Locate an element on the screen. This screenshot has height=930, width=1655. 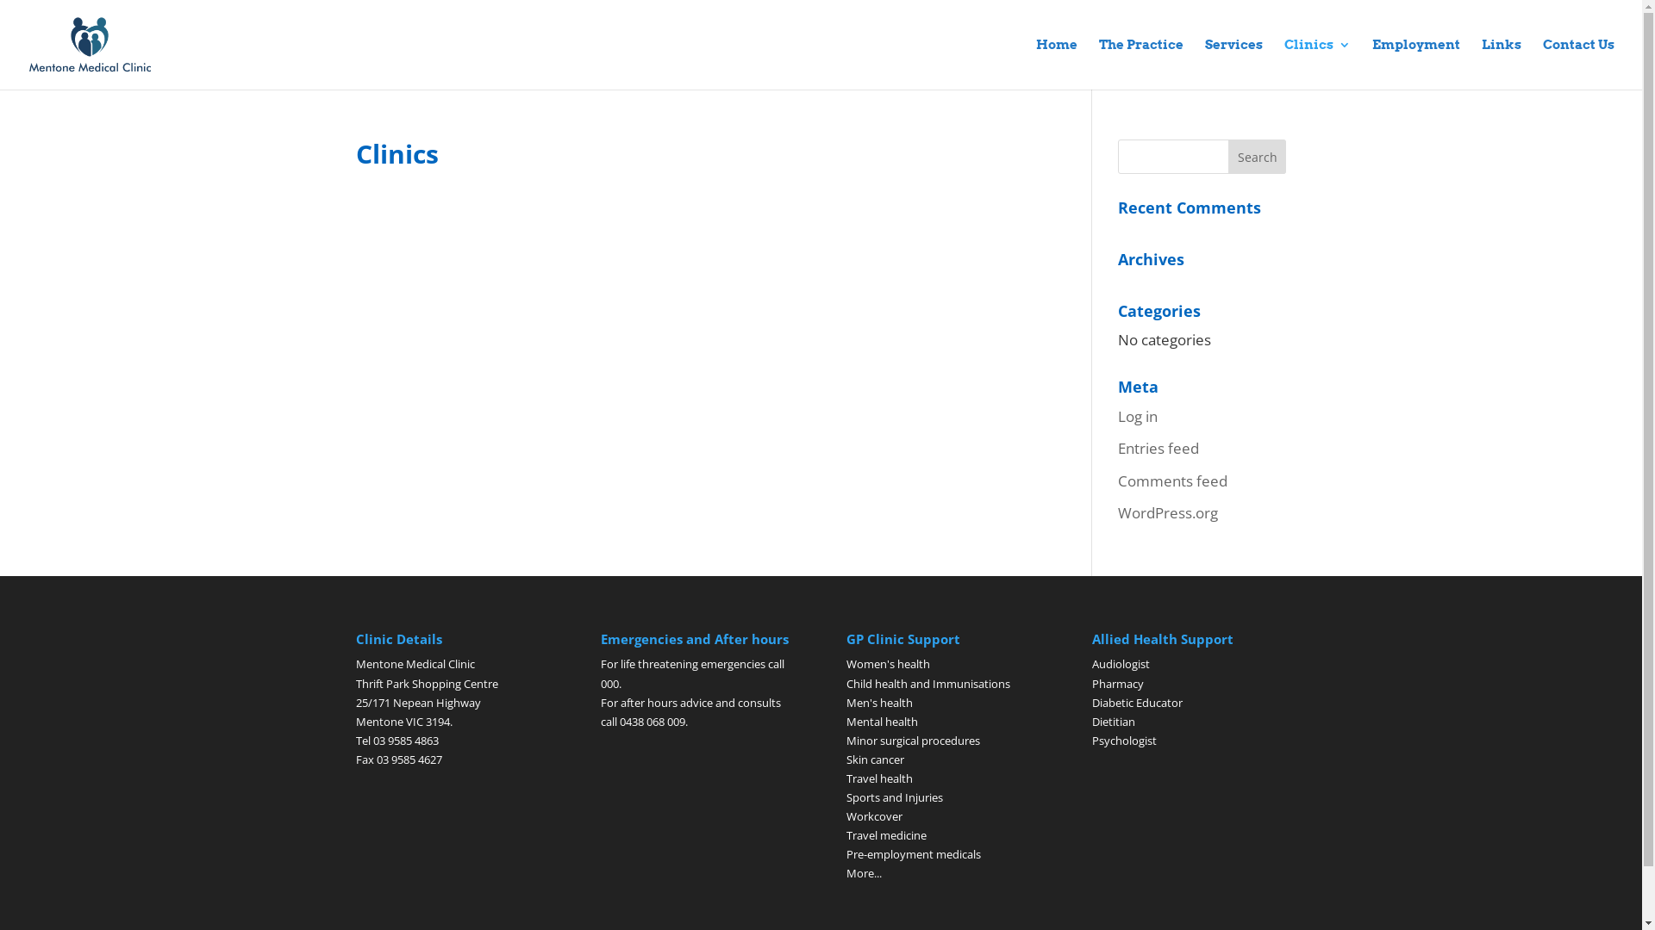
'Search' is located at coordinates (1258, 156).